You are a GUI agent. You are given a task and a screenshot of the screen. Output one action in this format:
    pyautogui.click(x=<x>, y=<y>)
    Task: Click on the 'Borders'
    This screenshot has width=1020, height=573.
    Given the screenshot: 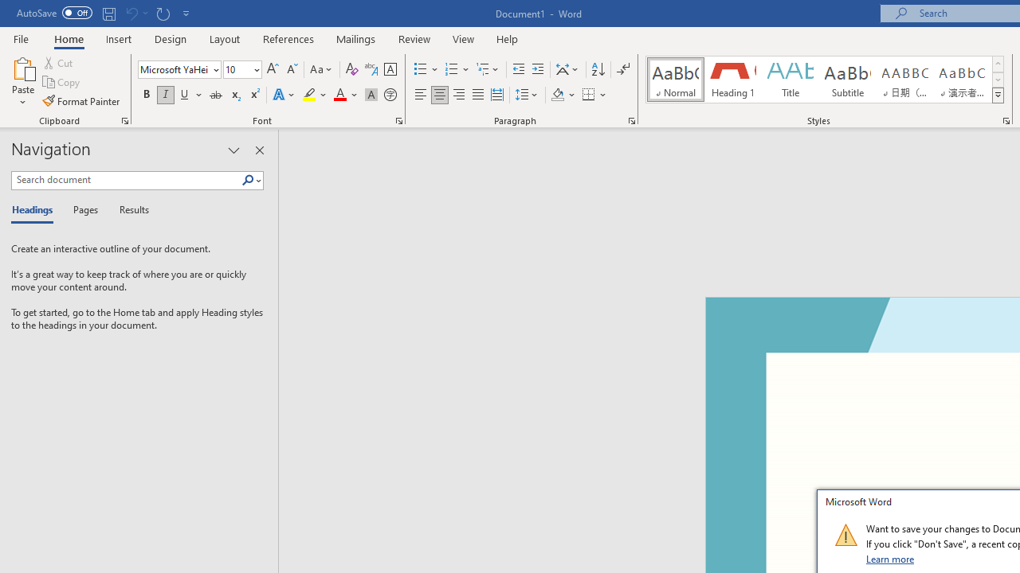 What is the action you would take?
    pyautogui.click(x=588, y=95)
    